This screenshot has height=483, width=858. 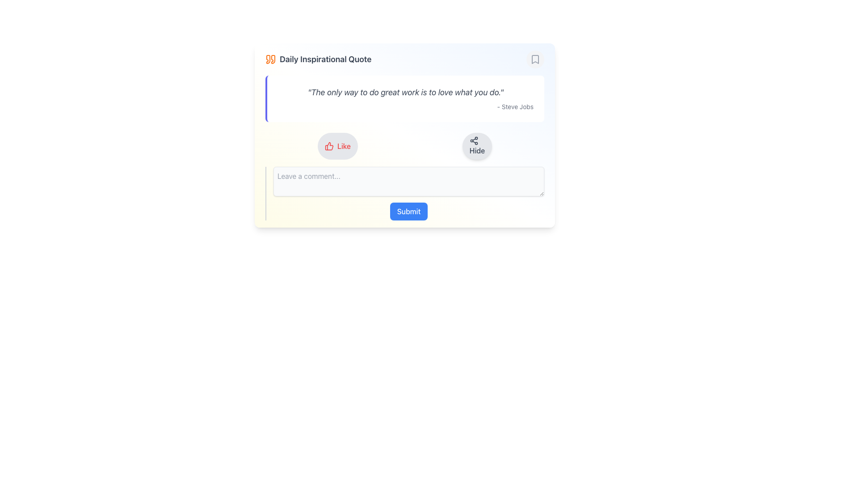 What do you see at coordinates (535, 59) in the screenshot?
I see `the bookmark icon located in the upper right section of the interface, adjacent to the 'Daily Inspirational Quote' box` at bounding box center [535, 59].